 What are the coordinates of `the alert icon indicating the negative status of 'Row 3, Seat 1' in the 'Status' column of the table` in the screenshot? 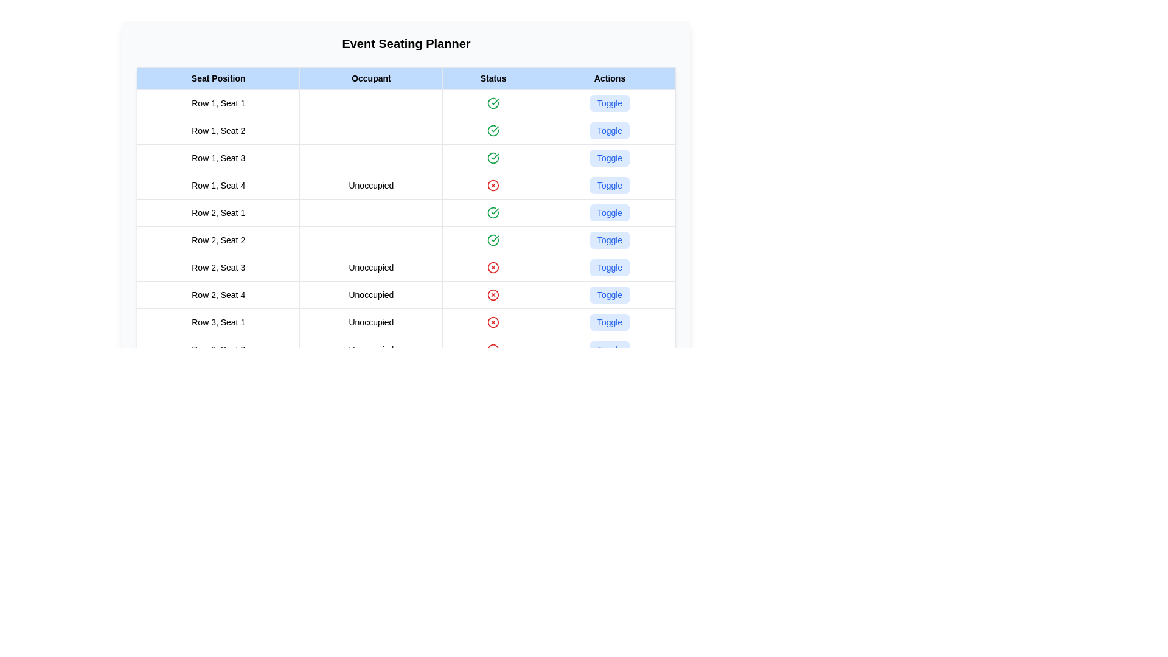 It's located at (493, 321).